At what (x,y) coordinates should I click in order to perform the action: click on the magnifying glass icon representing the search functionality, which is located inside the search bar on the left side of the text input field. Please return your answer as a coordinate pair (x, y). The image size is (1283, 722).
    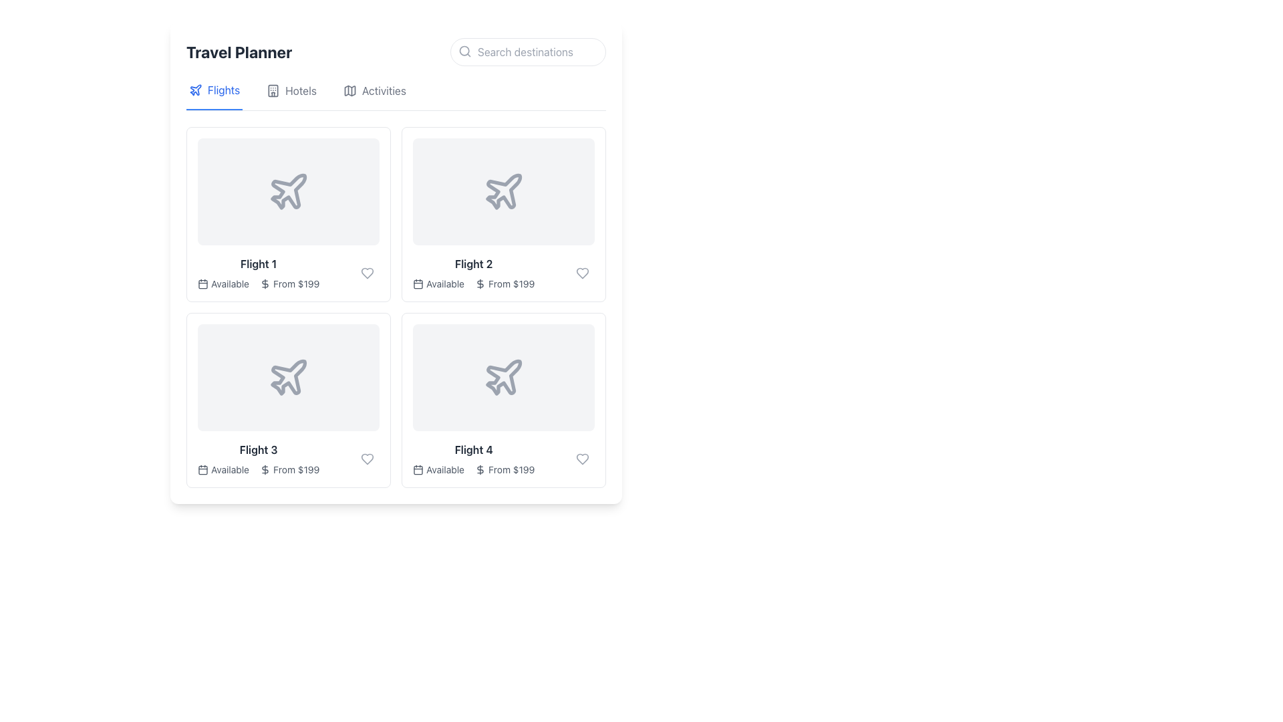
    Looking at the image, I should click on (465, 51).